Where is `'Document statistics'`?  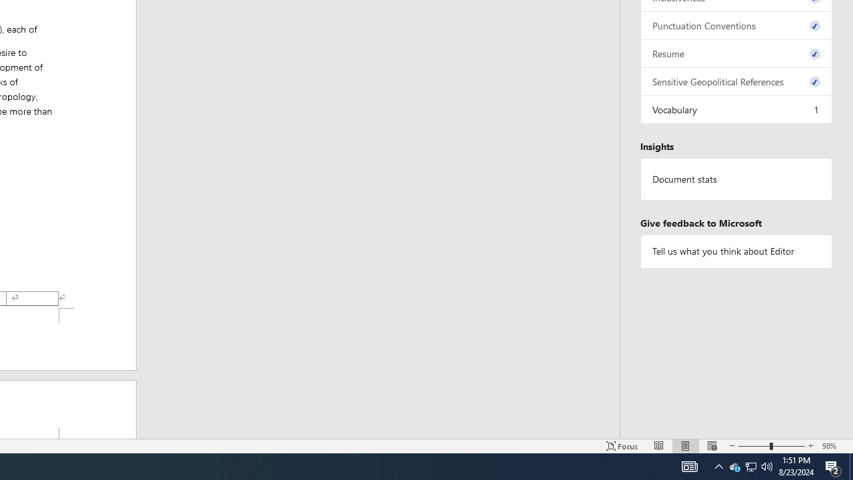 'Document statistics' is located at coordinates (736, 179).